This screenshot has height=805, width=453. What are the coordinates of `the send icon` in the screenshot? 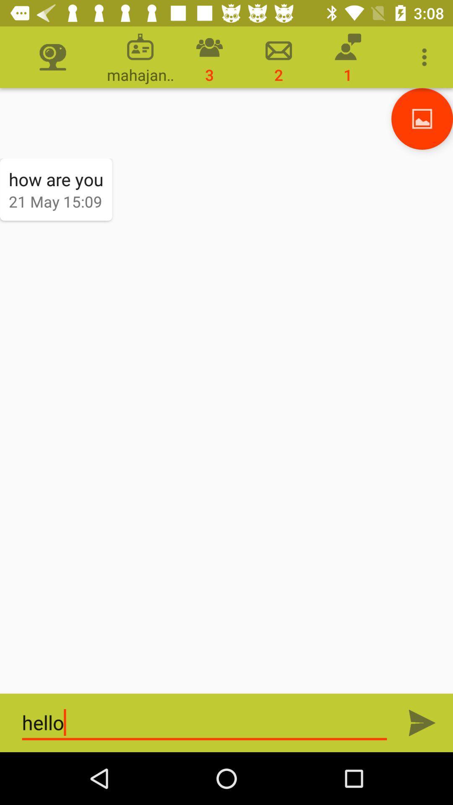 It's located at (422, 722).